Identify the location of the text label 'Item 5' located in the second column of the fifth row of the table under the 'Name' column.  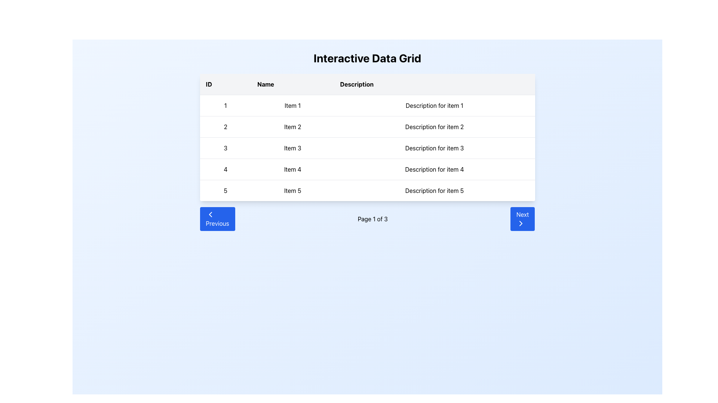
(292, 190).